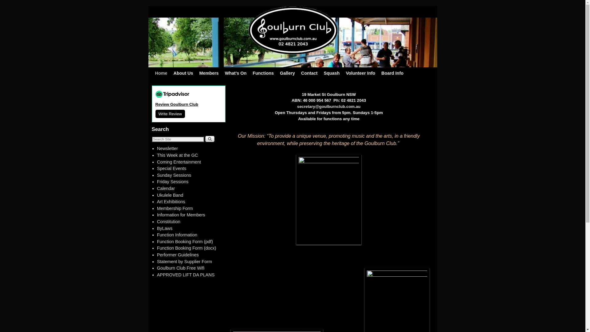 This screenshot has height=332, width=590. Describe the element at coordinates (170, 114) in the screenshot. I see `'Write Review'` at that location.